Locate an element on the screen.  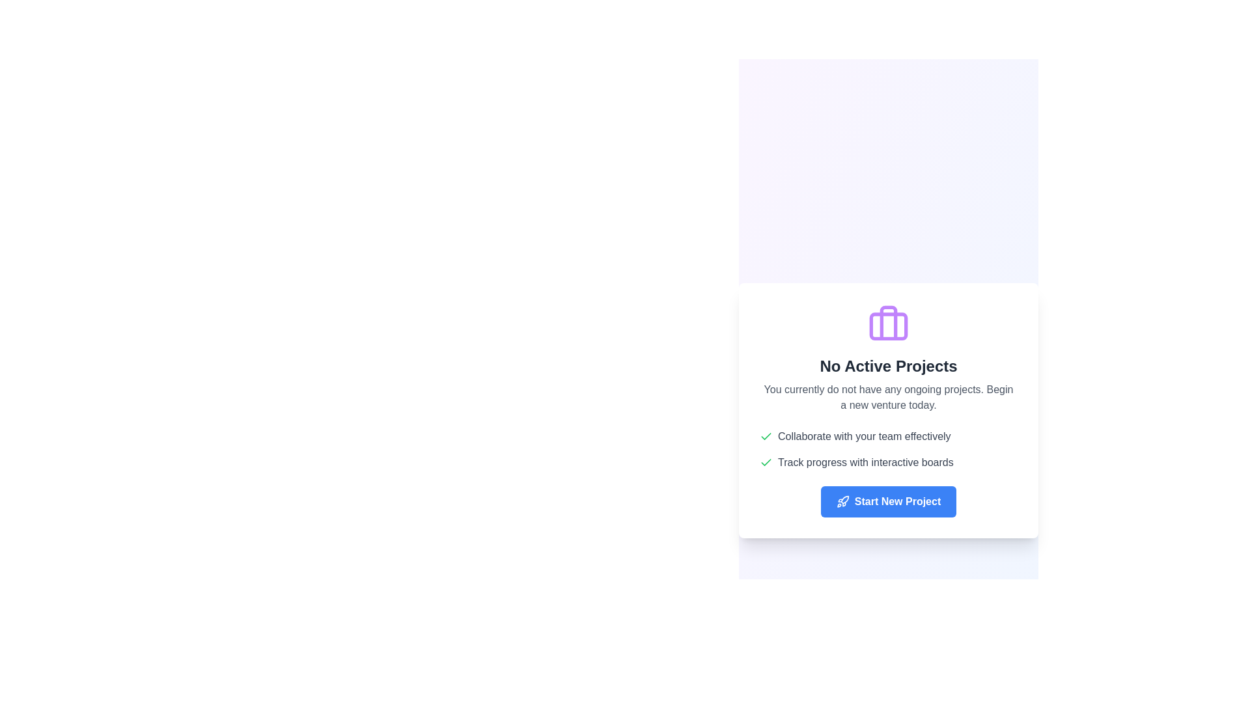
the new project button using keyboard navigation is located at coordinates (887, 501).